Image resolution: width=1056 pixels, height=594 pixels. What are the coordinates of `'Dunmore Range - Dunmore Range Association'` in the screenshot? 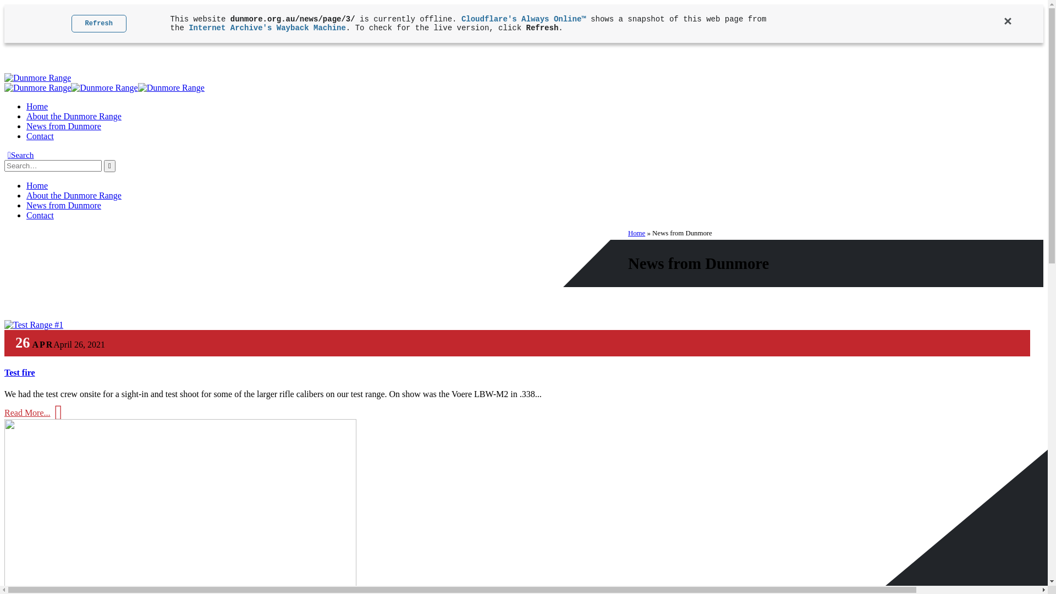 It's located at (37, 77).